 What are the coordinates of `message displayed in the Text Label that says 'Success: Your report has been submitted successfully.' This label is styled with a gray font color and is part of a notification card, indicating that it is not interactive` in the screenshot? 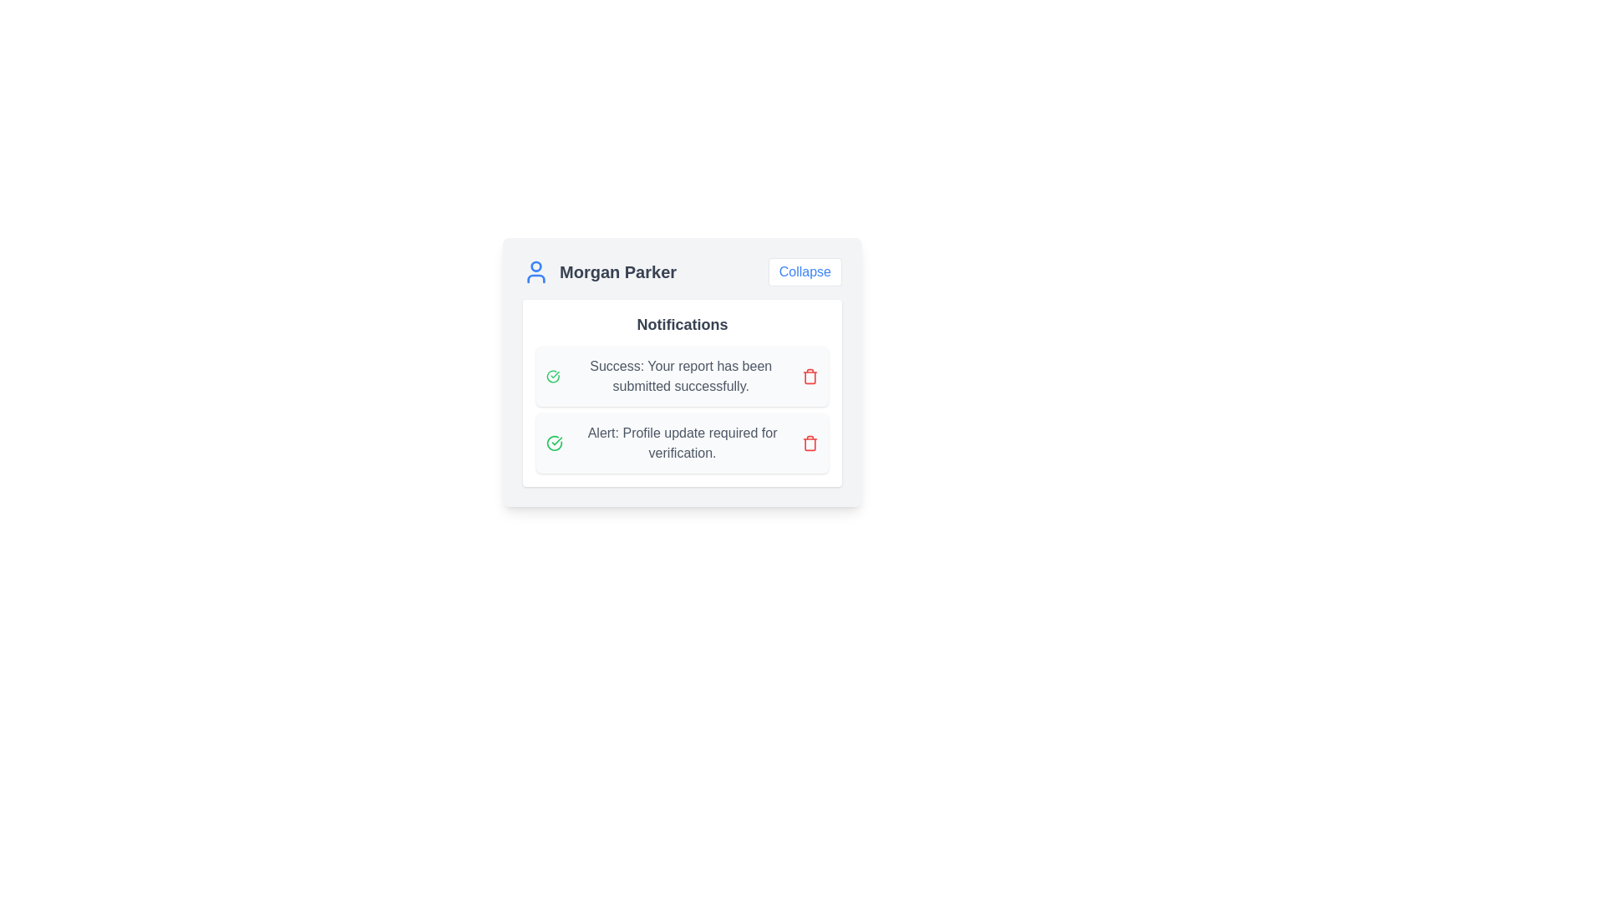 It's located at (681, 377).